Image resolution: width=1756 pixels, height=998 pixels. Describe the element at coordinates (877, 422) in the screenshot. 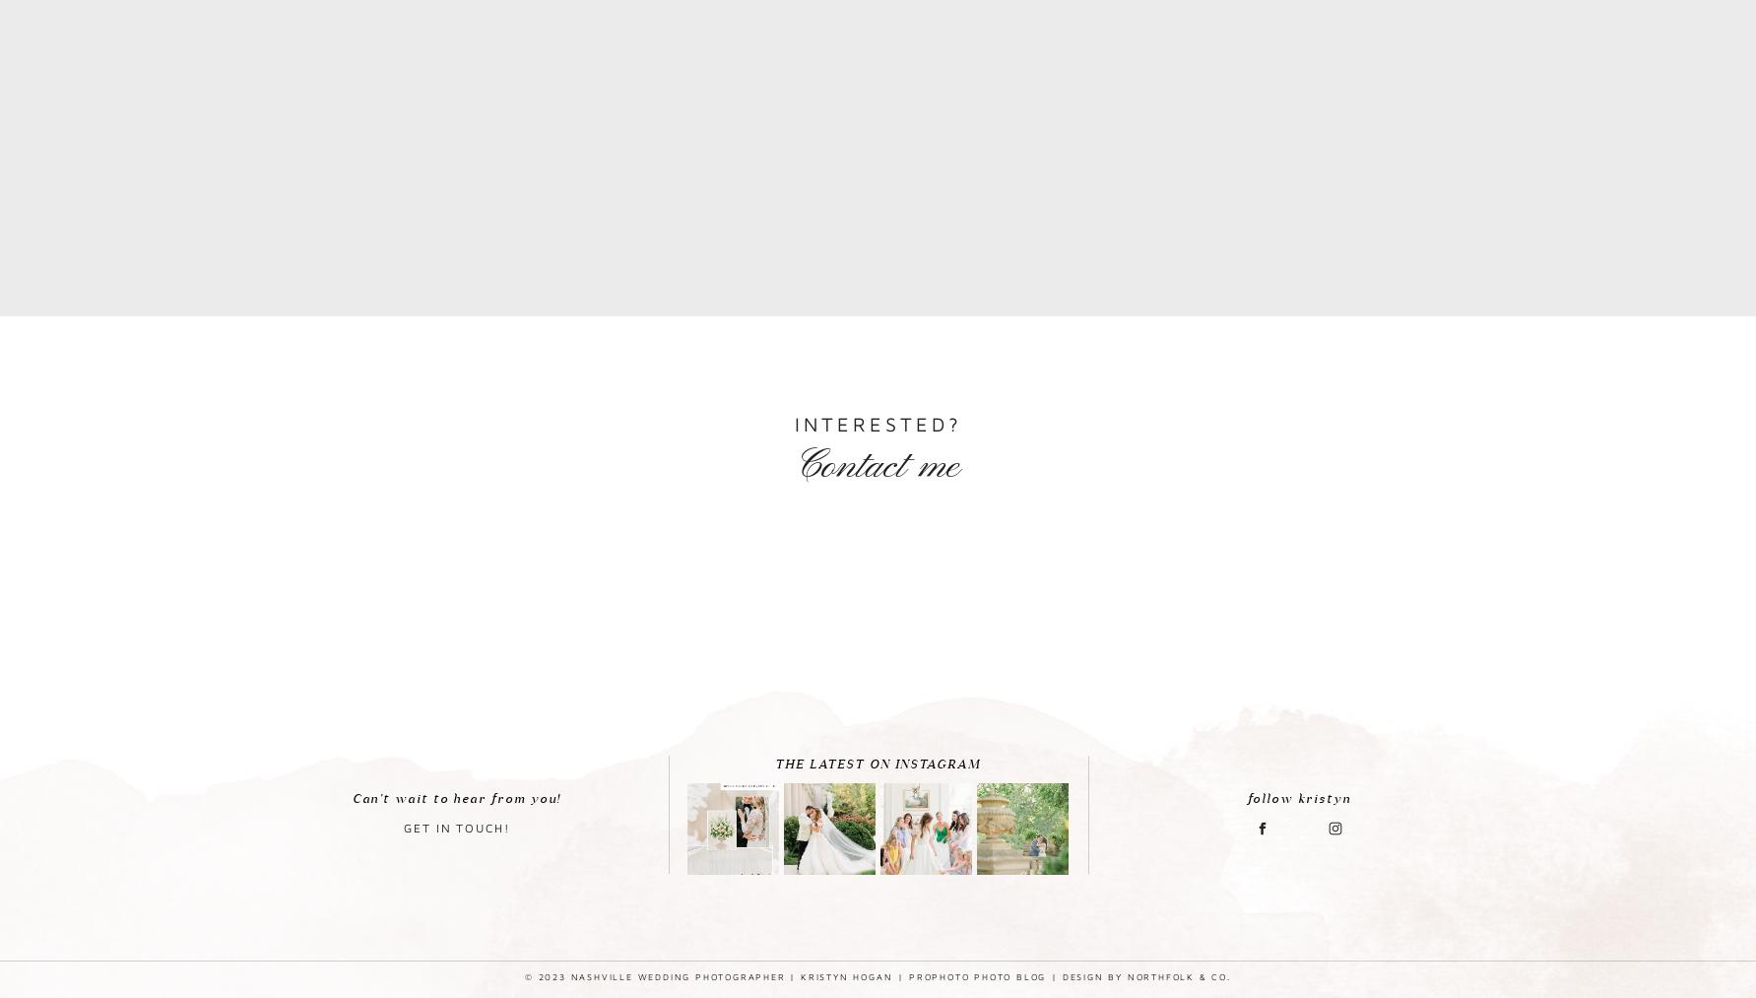

I see `'Interested?'` at that location.